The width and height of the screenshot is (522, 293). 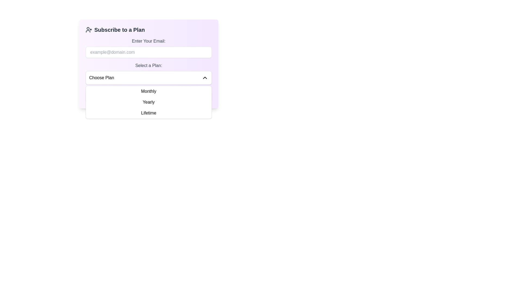 I want to click on the 'Lifetime' option in the dropdown menu located beneath the label 'Select a Plan:', which is the third option in the list, so click(x=149, y=113).